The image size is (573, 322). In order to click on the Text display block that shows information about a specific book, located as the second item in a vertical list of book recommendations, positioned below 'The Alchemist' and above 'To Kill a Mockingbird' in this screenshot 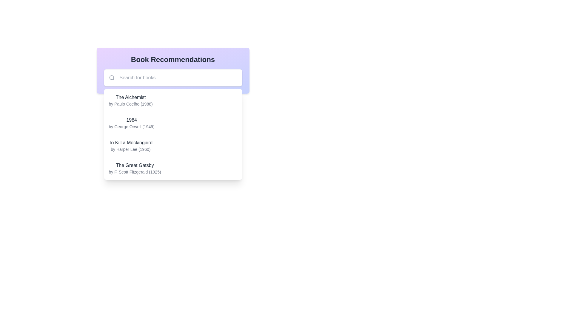, I will do `click(131, 123)`.